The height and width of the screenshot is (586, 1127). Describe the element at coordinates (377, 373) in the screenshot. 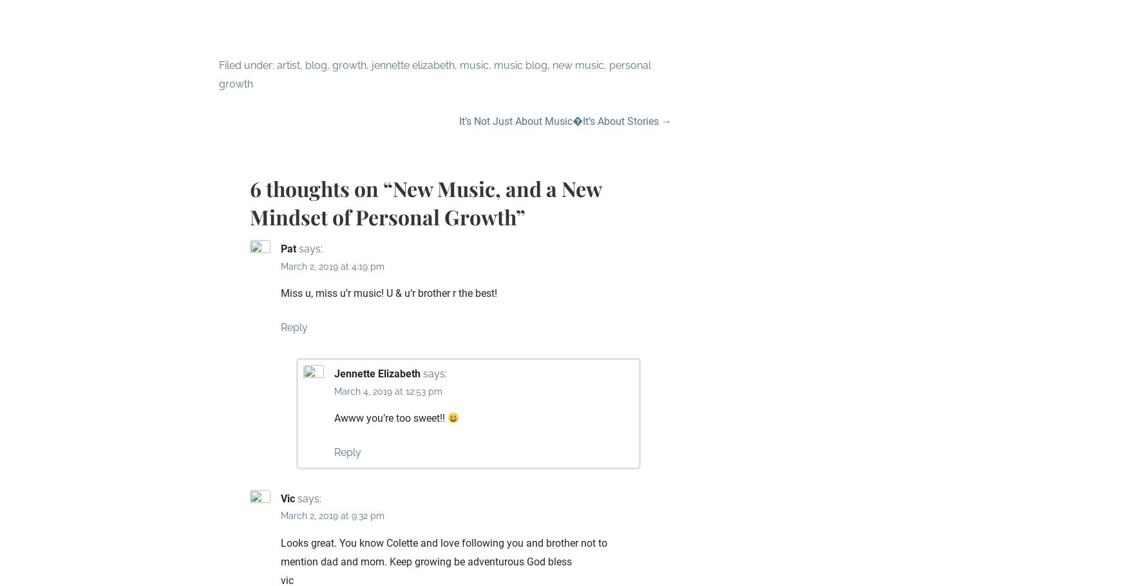

I see `'Jennette Elizabeth'` at that location.